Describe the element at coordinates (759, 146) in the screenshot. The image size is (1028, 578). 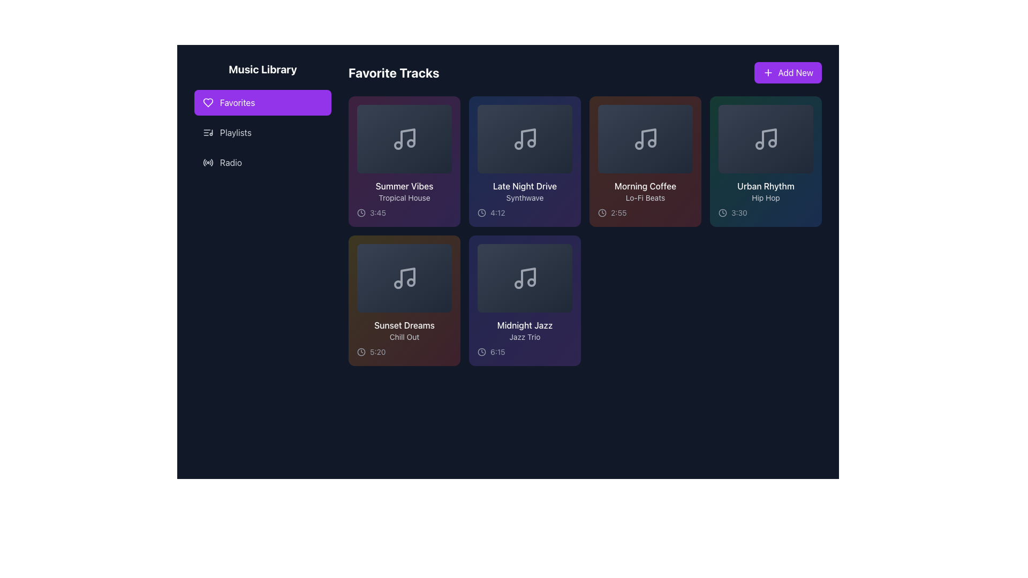
I see `the small SVG circle icon that is part of the musical note symbol in the top-right card titled 'Urban Rhythm.'` at that location.